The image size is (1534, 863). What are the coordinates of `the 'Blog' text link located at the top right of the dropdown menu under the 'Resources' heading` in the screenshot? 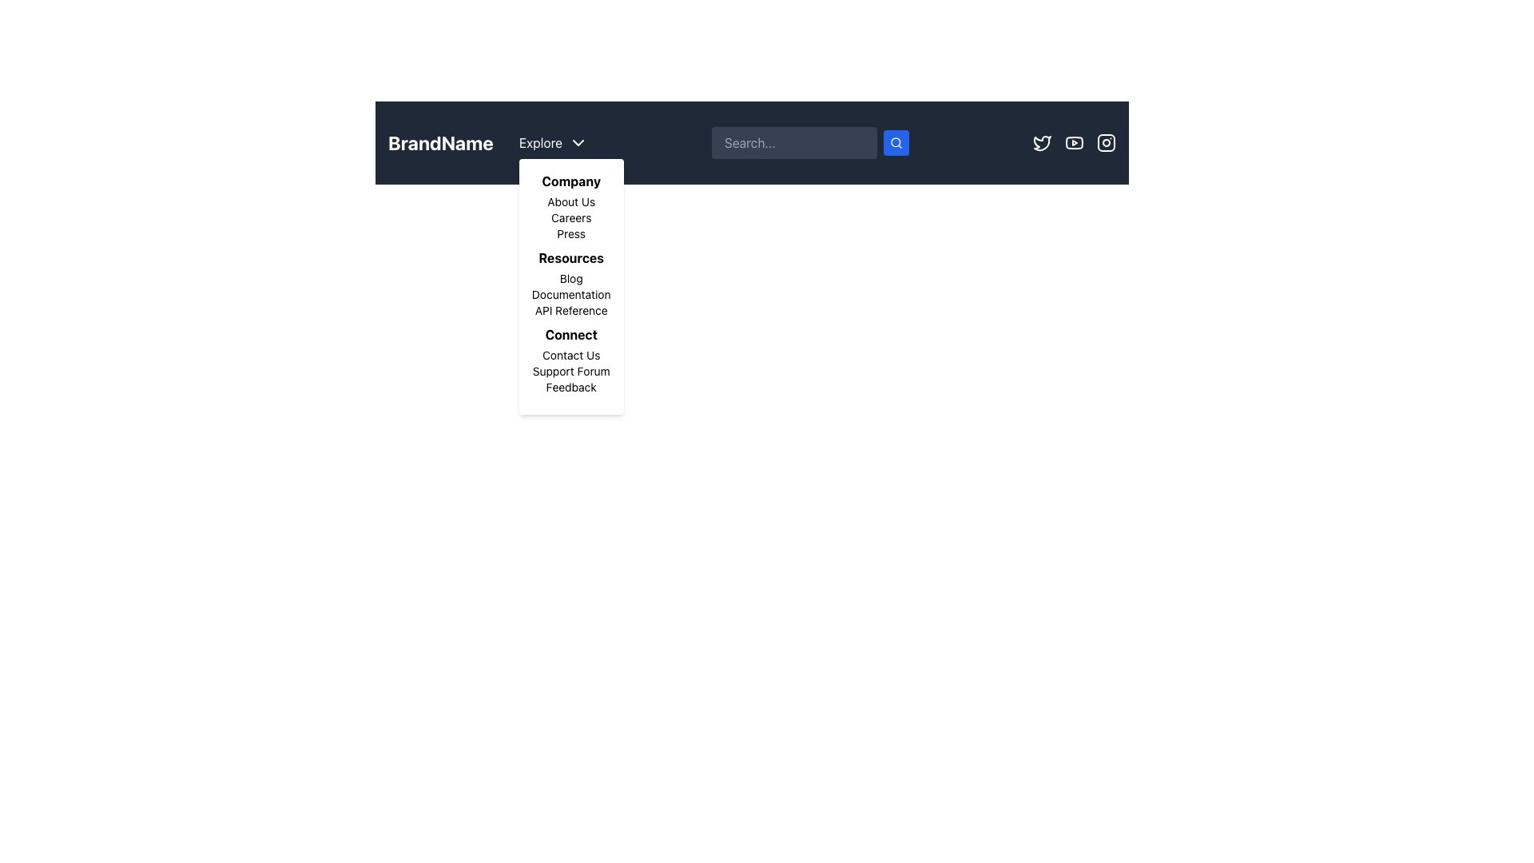 It's located at (571, 277).